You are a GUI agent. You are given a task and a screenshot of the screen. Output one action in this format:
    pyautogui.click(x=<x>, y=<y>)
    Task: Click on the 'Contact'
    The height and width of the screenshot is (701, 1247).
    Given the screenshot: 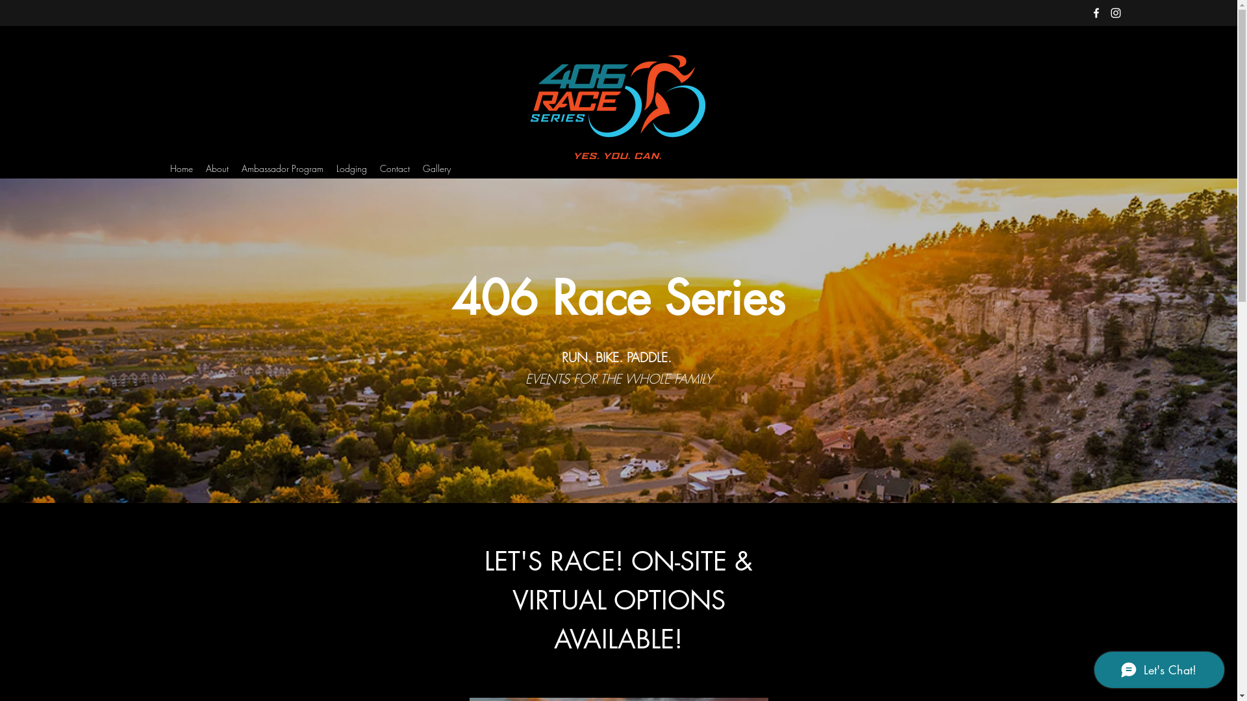 What is the action you would take?
    pyautogui.click(x=372, y=167)
    